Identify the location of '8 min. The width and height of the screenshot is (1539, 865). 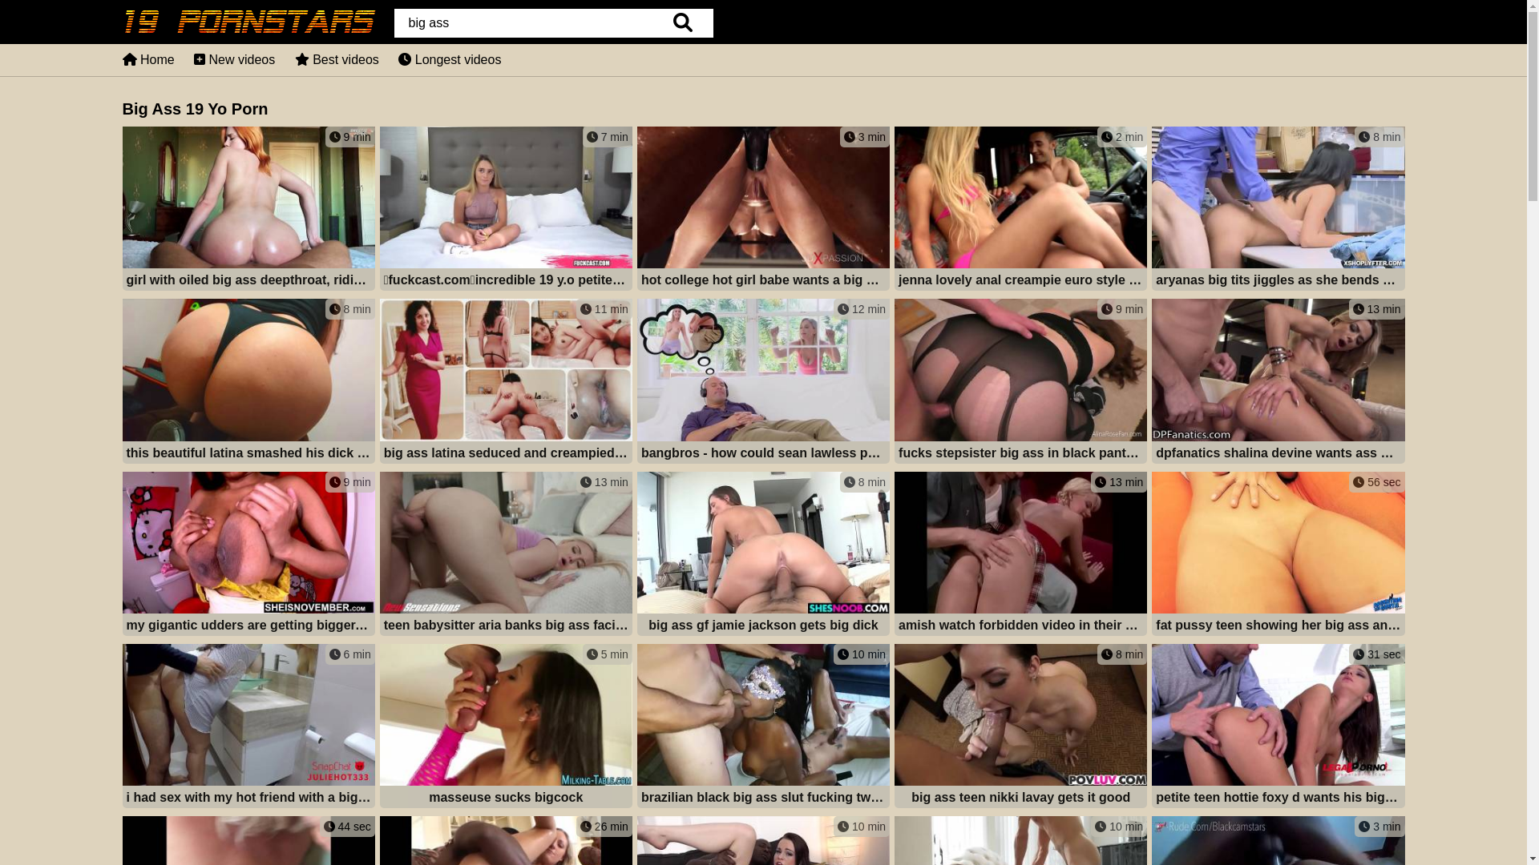
(1020, 727).